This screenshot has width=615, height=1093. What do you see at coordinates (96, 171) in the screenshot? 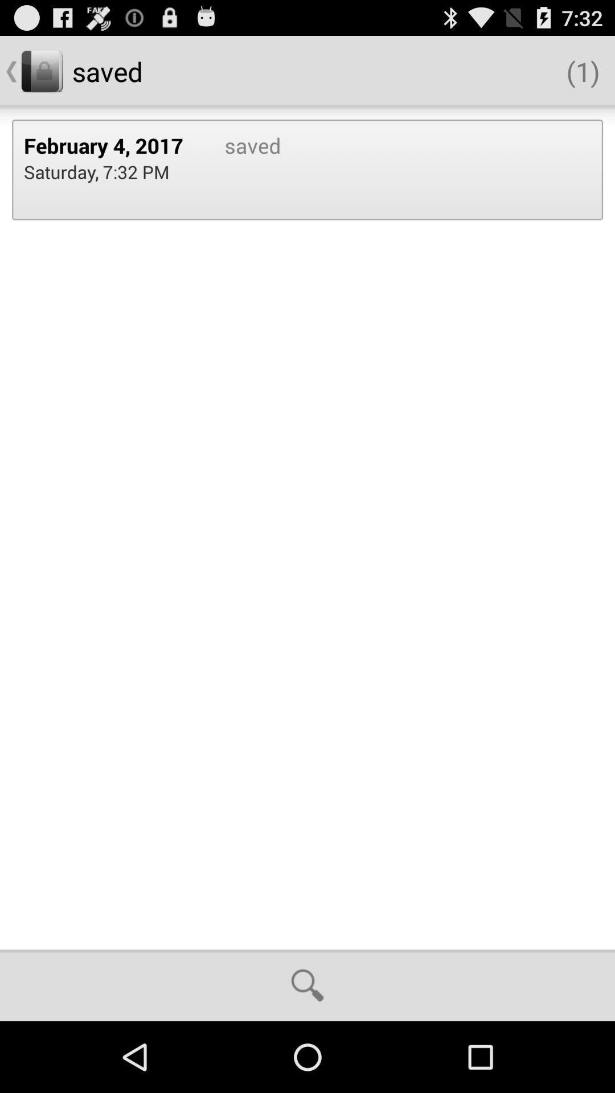
I see `the item below february 4, 2017 item` at bounding box center [96, 171].